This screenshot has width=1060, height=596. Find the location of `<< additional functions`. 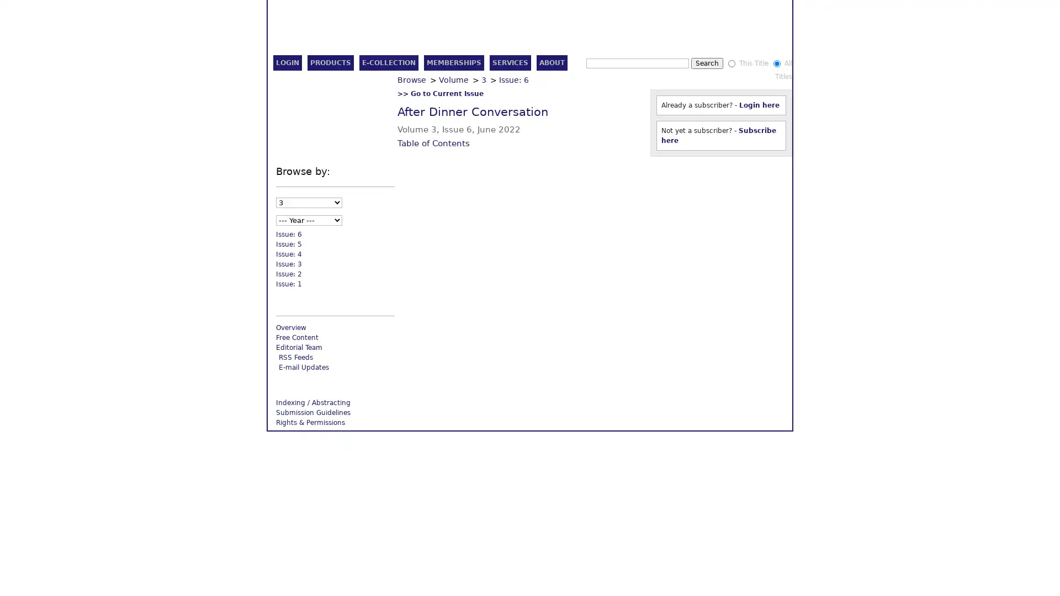

<< additional functions is located at coordinates (742, 172).